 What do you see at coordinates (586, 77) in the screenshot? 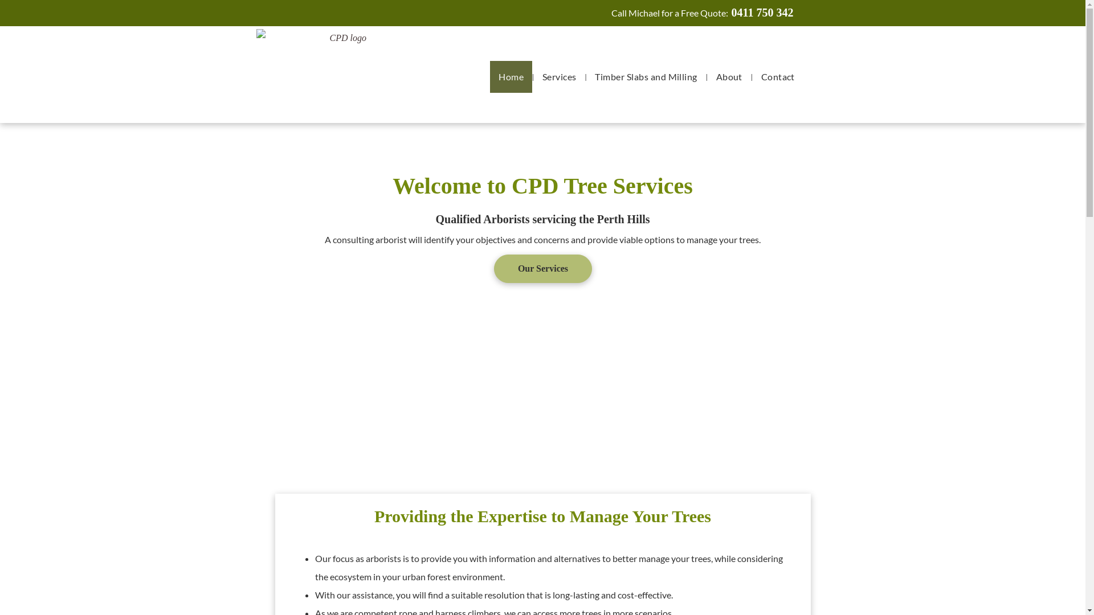
I see `'Timber Slabs and Milling'` at bounding box center [586, 77].